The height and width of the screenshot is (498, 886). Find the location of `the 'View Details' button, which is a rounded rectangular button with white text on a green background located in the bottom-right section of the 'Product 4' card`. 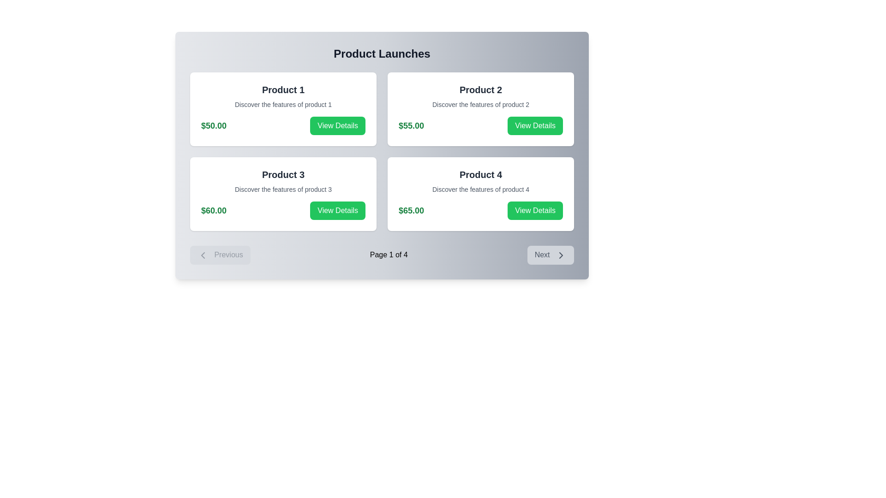

the 'View Details' button, which is a rounded rectangular button with white text on a green background located in the bottom-right section of the 'Product 4' card is located at coordinates (535, 210).